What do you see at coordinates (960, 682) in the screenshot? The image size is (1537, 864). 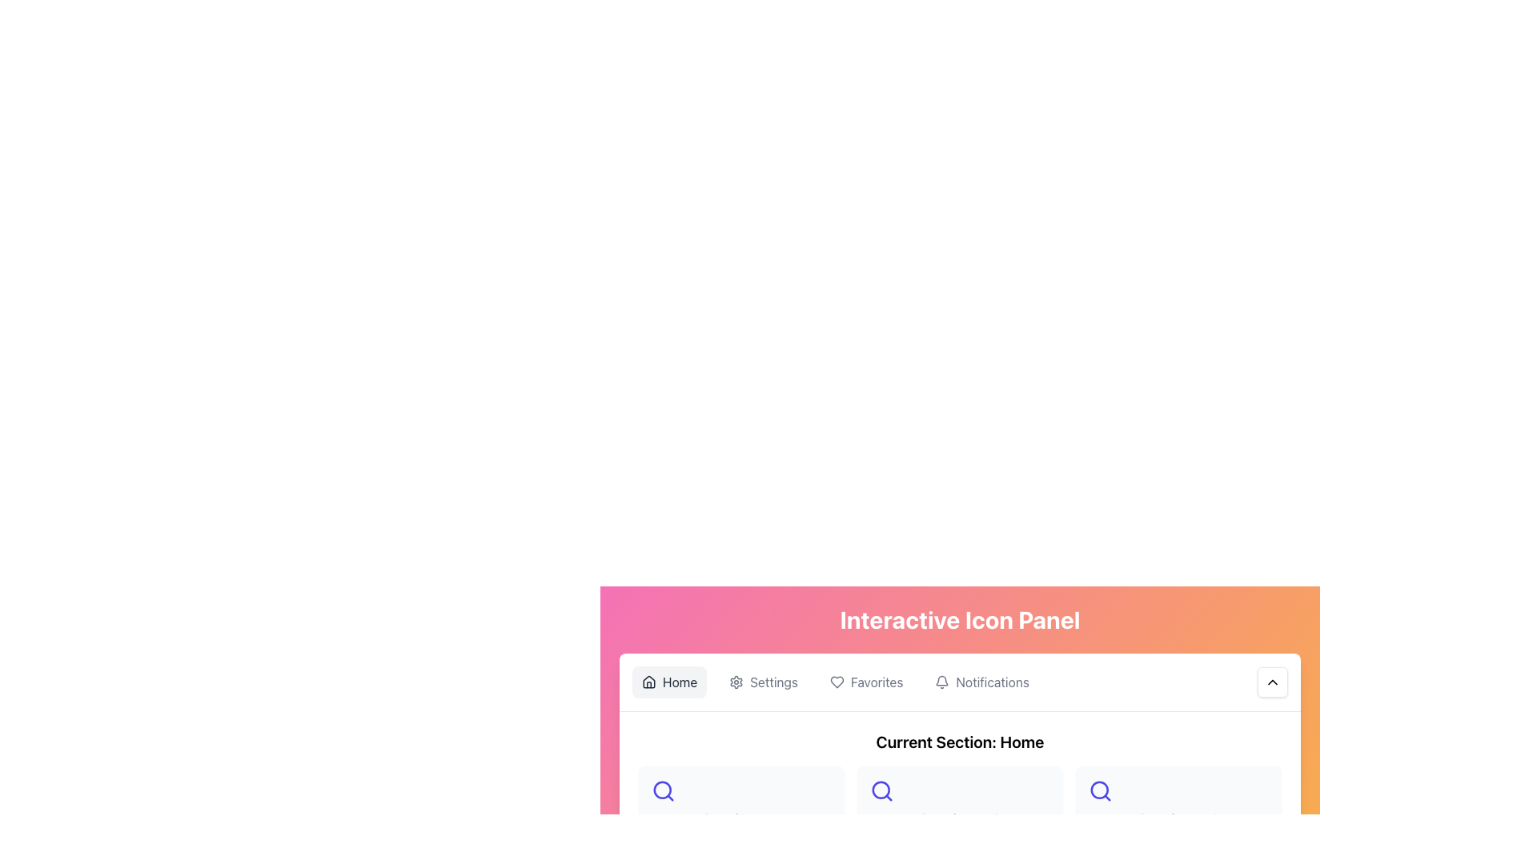 I see `the 'Notifications' button on the navigation bar` at bounding box center [960, 682].